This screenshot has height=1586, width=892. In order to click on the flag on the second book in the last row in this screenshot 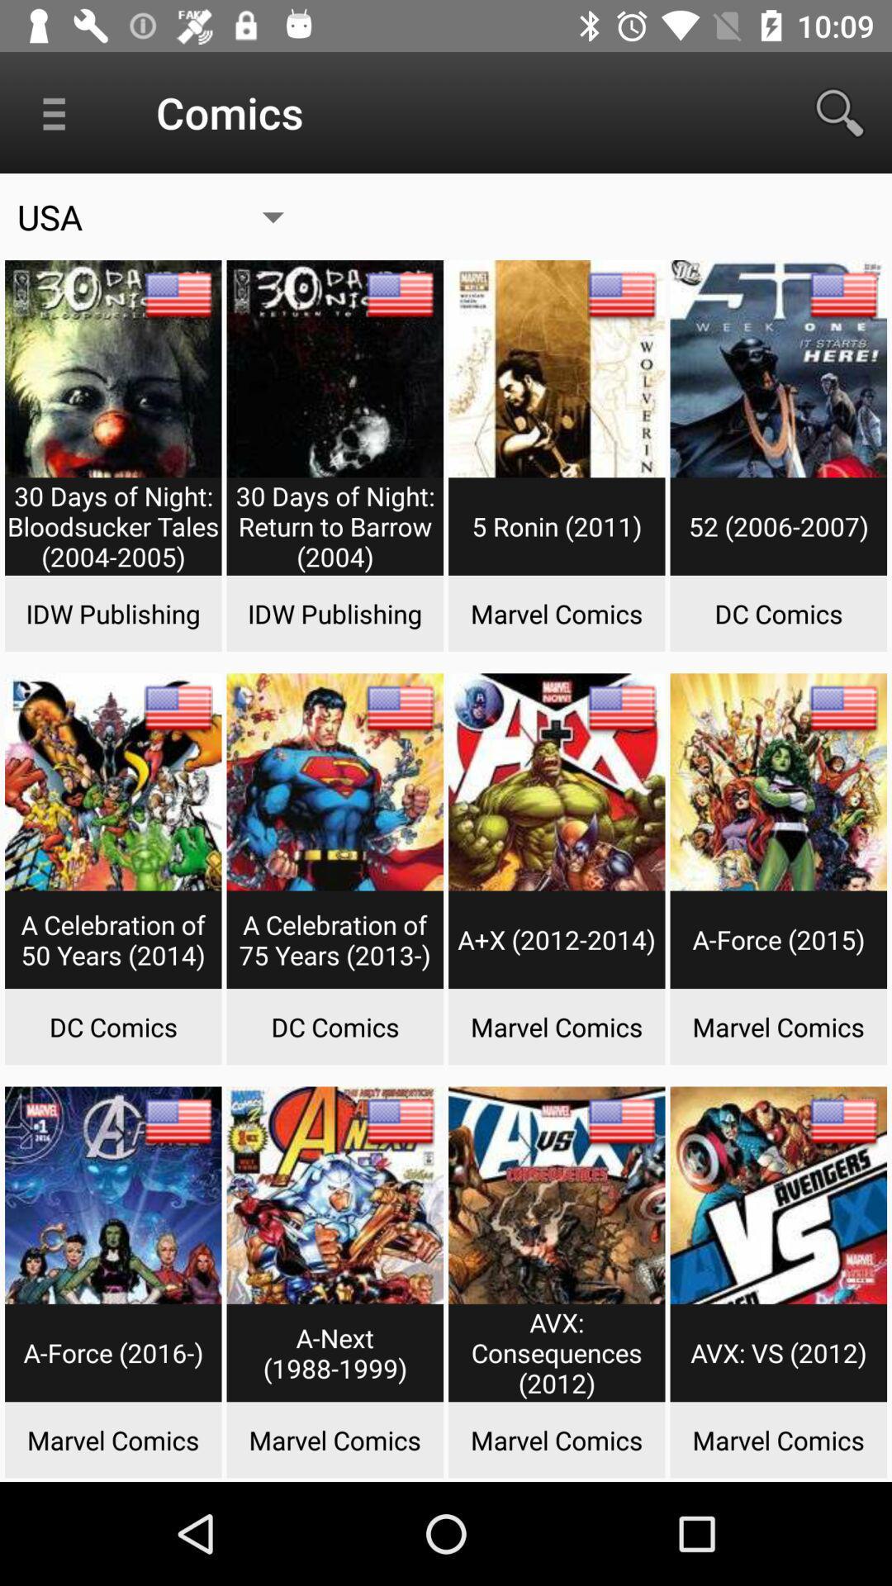, I will do `click(401, 1122)`.